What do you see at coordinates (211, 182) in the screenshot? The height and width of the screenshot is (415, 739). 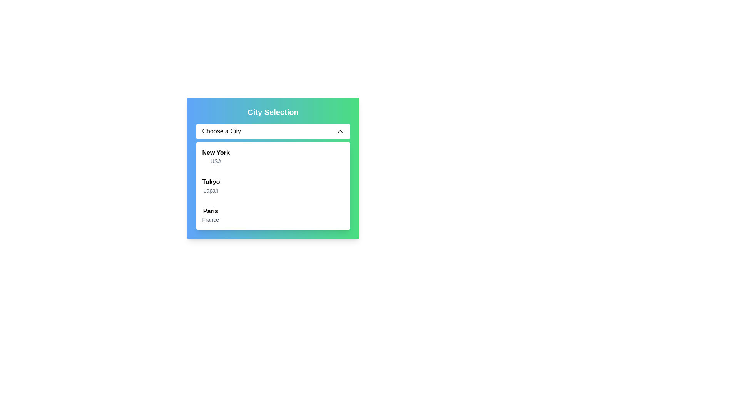 I see `text displayed in the bold font style 'Tokyo' from the city selection dropdown list, which is positioned above 'Japan' and below 'New York' and 'USA'` at bounding box center [211, 182].